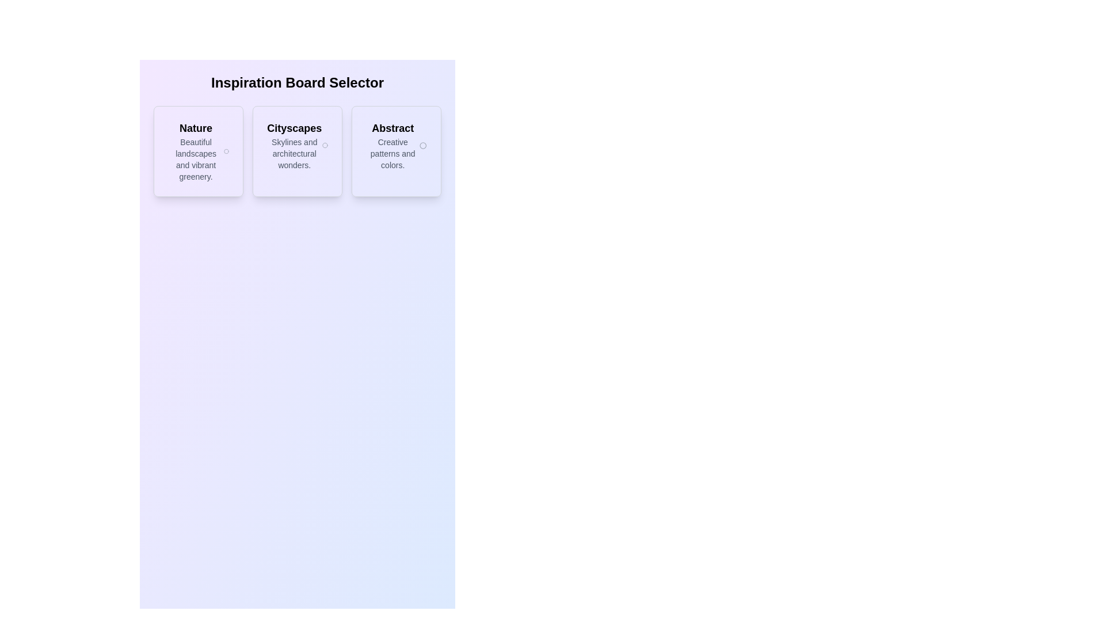 This screenshot has height=622, width=1105. What do you see at coordinates (196, 150) in the screenshot?
I see `the 'Nature' informational card located in the first column under the 'Inspiration Board Selector' title` at bounding box center [196, 150].